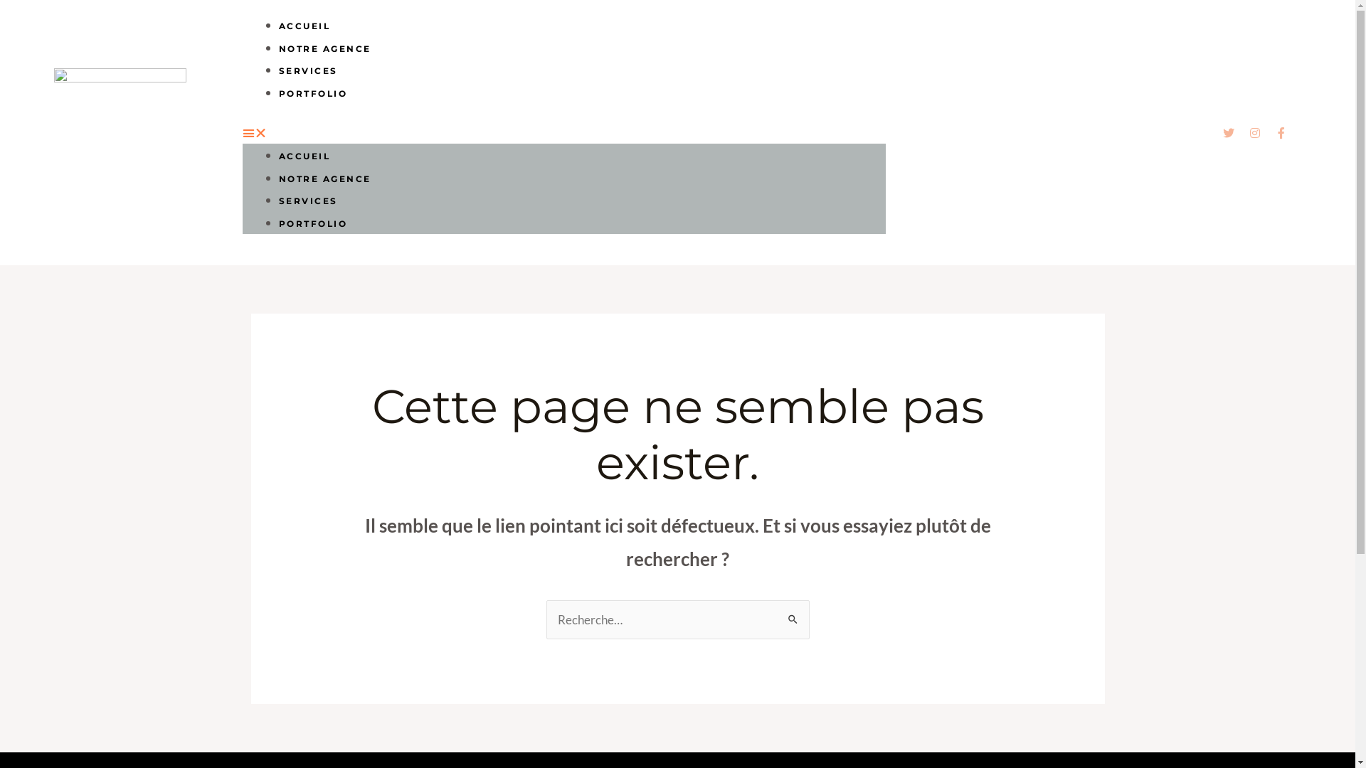 The height and width of the screenshot is (768, 1366). I want to click on 'PORTFOLIO', so click(312, 223).